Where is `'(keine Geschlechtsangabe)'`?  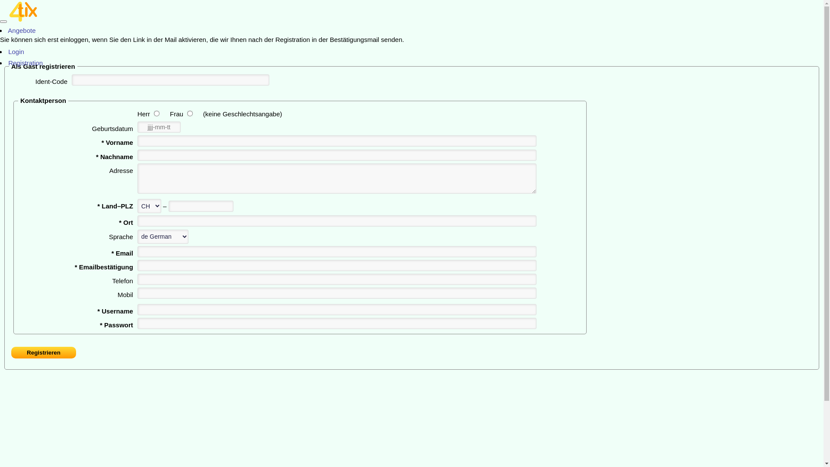 '(keine Geschlechtsangabe)' is located at coordinates (242, 113).